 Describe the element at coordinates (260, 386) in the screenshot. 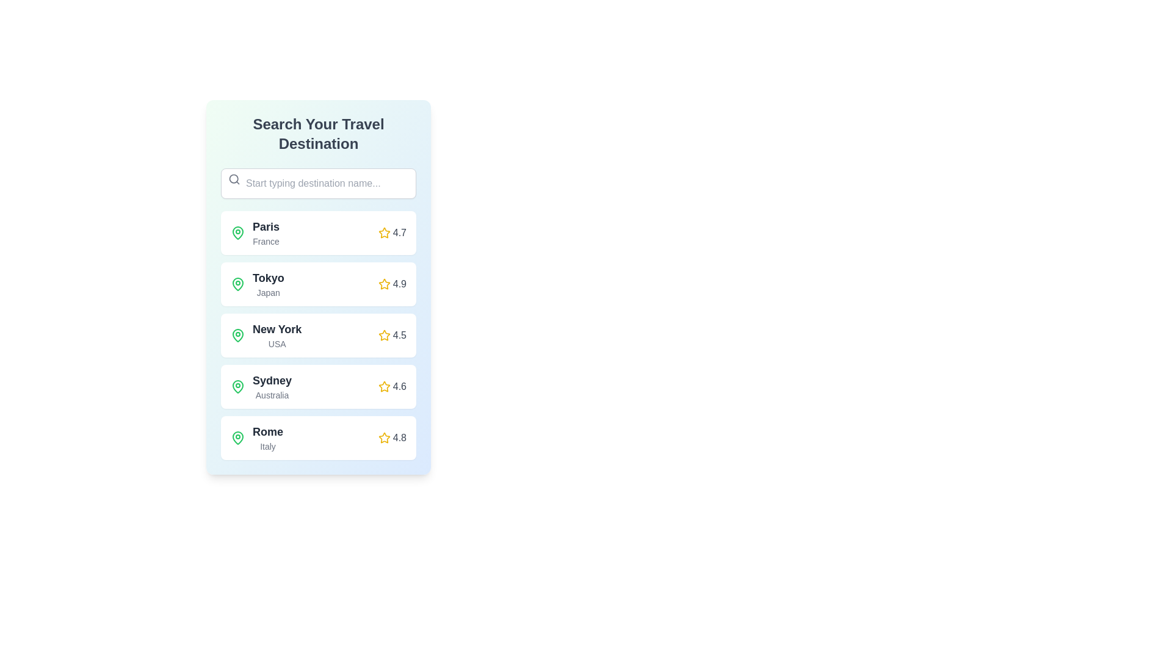

I see `the text display component that shows 'Sydney, Australia', located in the fourth item of a vertically stacked list, next to a green pin icon` at that location.